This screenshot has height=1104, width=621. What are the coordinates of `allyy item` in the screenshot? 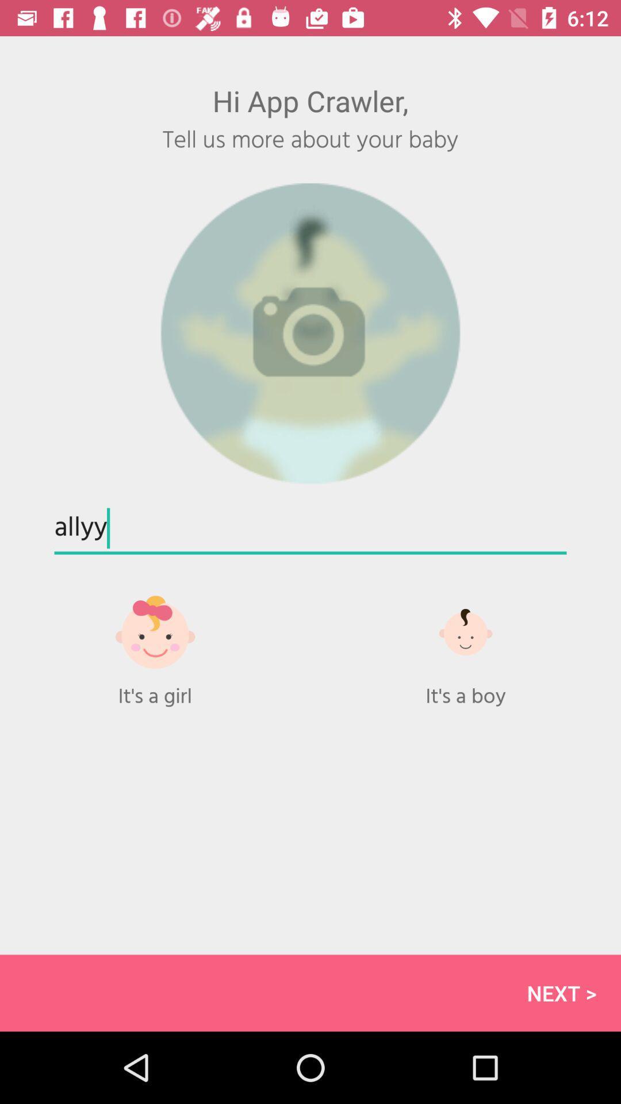 It's located at (310, 528).